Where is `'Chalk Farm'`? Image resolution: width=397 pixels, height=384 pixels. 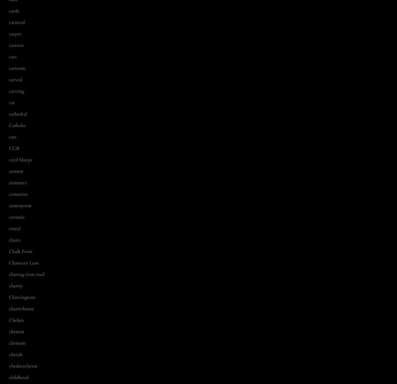 'Chalk Farm' is located at coordinates (20, 251).